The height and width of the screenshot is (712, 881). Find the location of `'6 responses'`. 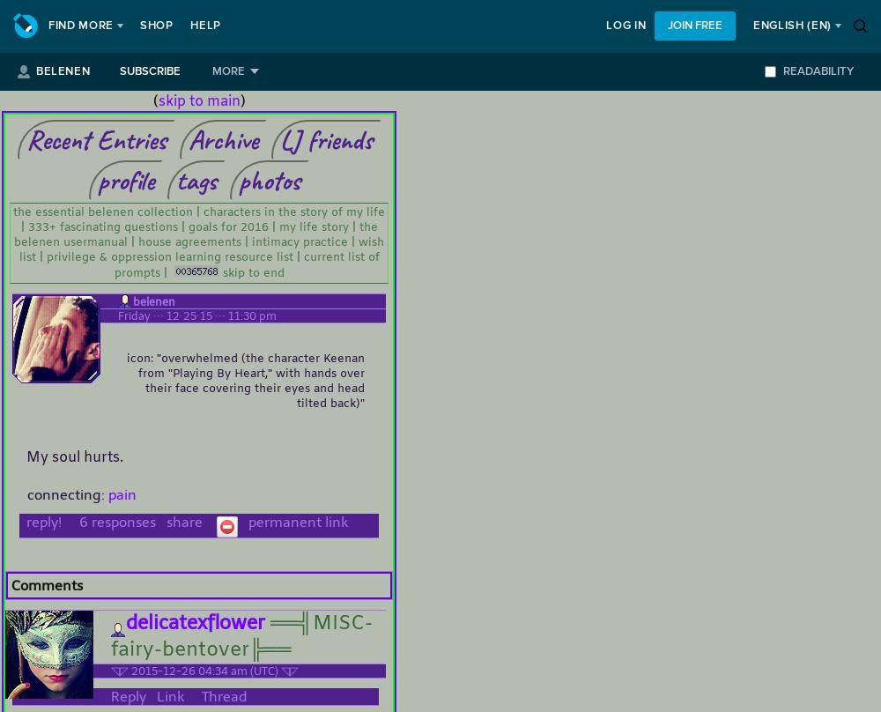

'6 responses' is located at coordinates (71, 521).